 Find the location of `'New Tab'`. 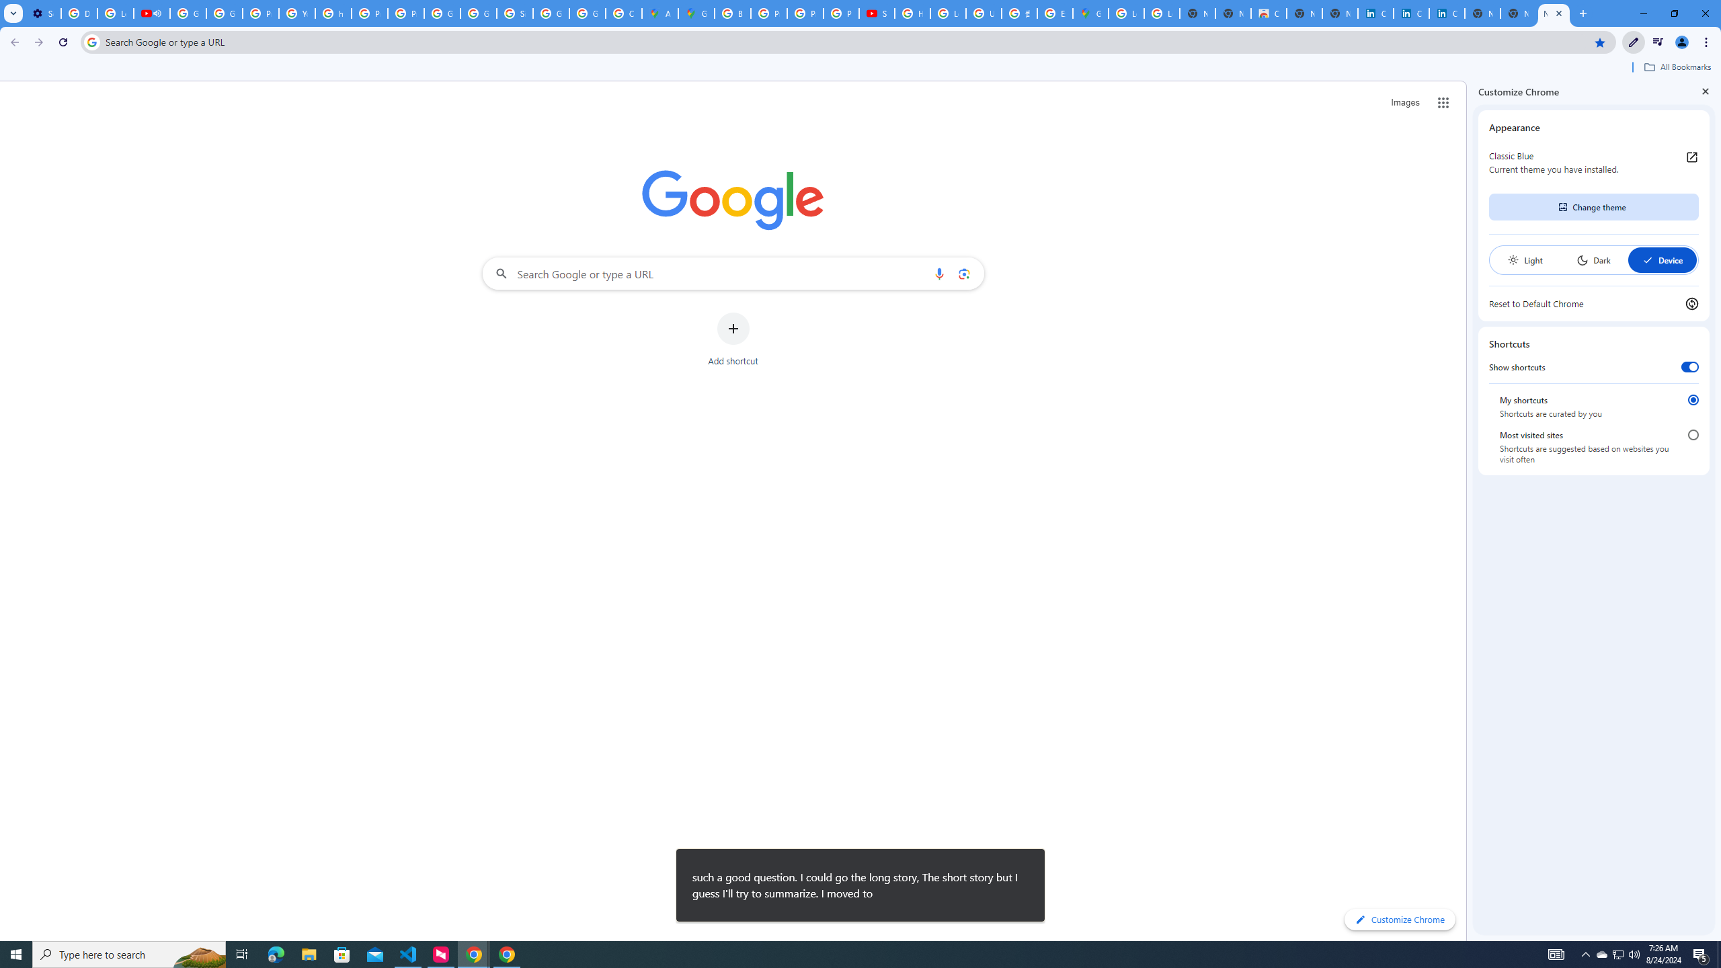

'New Tab' is located at coordinates (1554, 13).